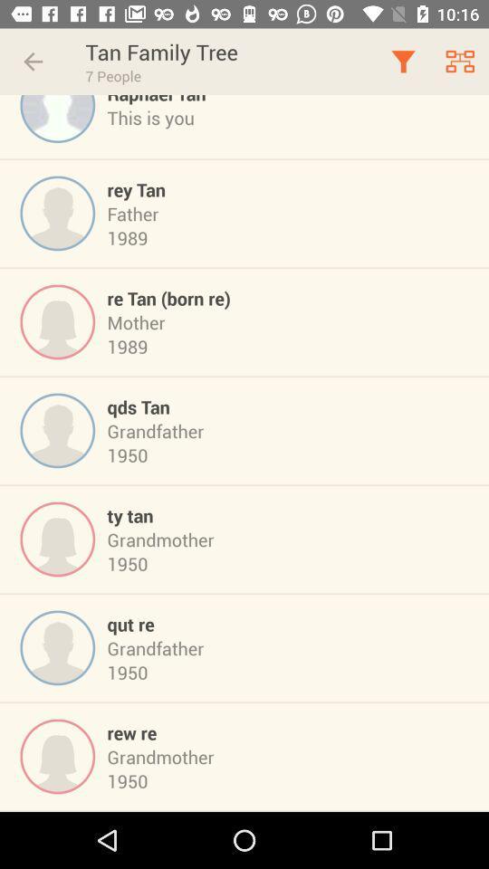 Image resolution: width=489 pixels, height=869 pixels. I want to click on the item next to tan family tree item, so click(33, 62).